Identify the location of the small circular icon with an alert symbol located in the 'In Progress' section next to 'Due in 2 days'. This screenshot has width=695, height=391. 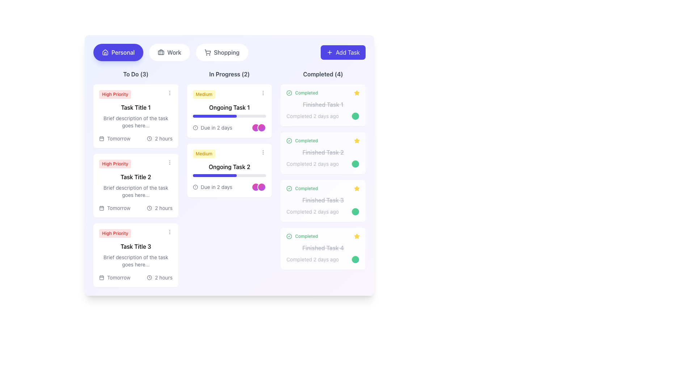
(195, 186).